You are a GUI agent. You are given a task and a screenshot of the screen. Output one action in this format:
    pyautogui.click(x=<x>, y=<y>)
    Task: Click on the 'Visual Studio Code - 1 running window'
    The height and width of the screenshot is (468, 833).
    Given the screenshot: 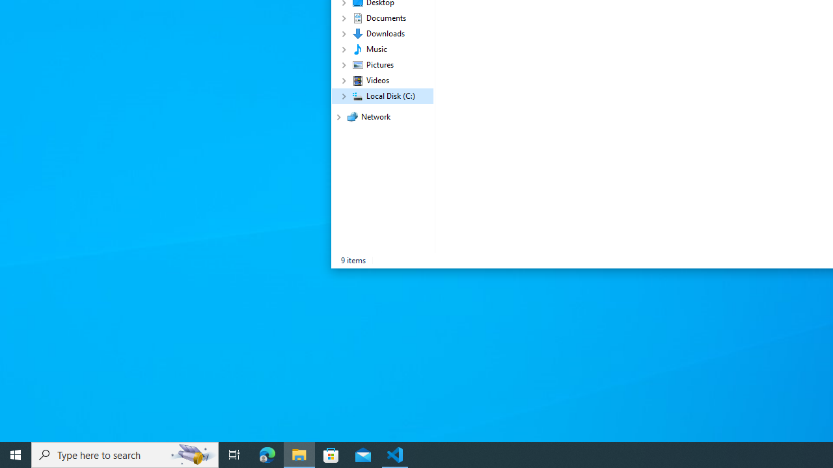 What is the action you would take?
    pyautogui.click(x=394, y=454)
    